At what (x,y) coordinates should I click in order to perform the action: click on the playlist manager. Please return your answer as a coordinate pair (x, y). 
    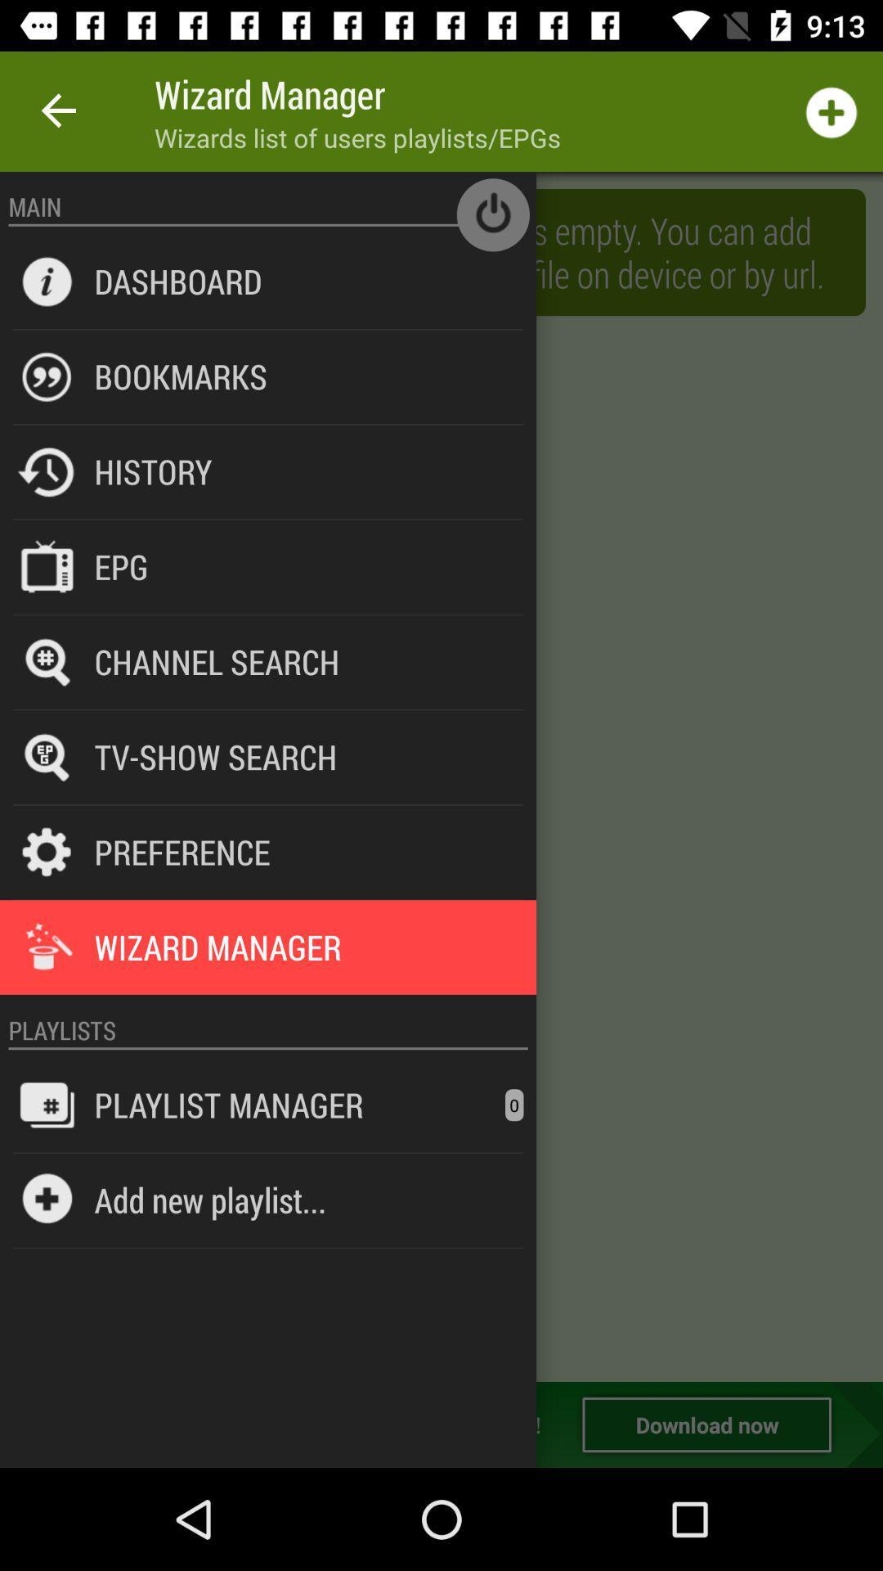
    Looking at the image, I should click on (229, 1105).